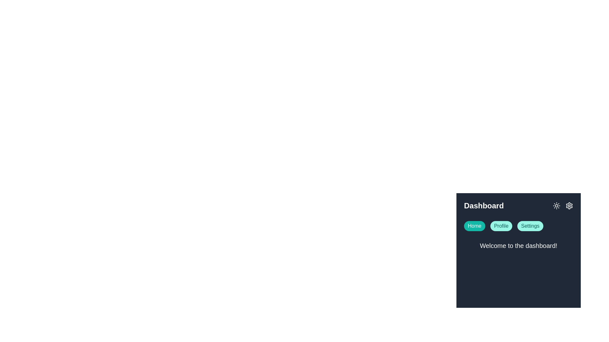 The width and height of the screenshot is (609, 342). I want to click on the Profile button located in the top-right section of the interface, which is the second button in a horizontal navigation bar flanked by the Home and Settings buttons, to trigger hover effects, so click(501, 225).